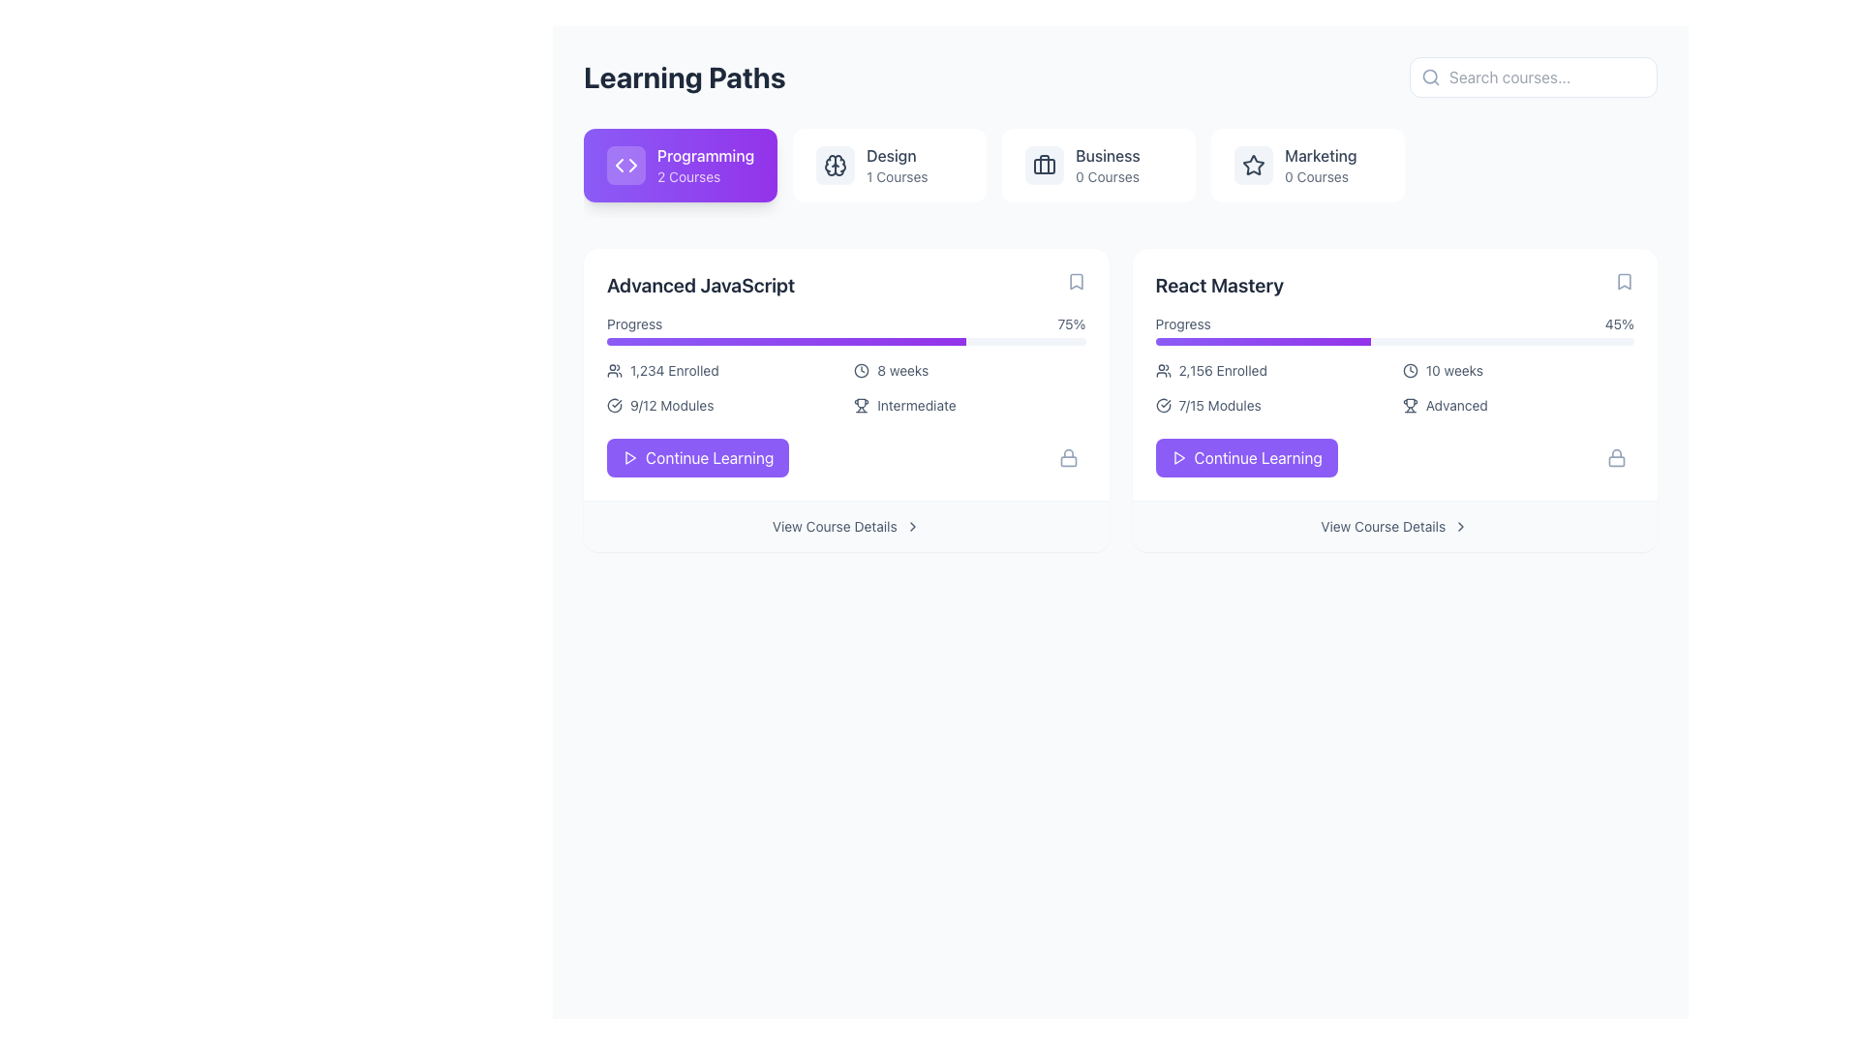 Image resolution: width=1859 pixels, height=1046 pixels. Describe the element at coordinates (1410, 405) in the screenshot. I see `the trophy-shaped SVG icon located within the 'Advanced' text label at the bottom right of the 'React Mastery' card` at that location.